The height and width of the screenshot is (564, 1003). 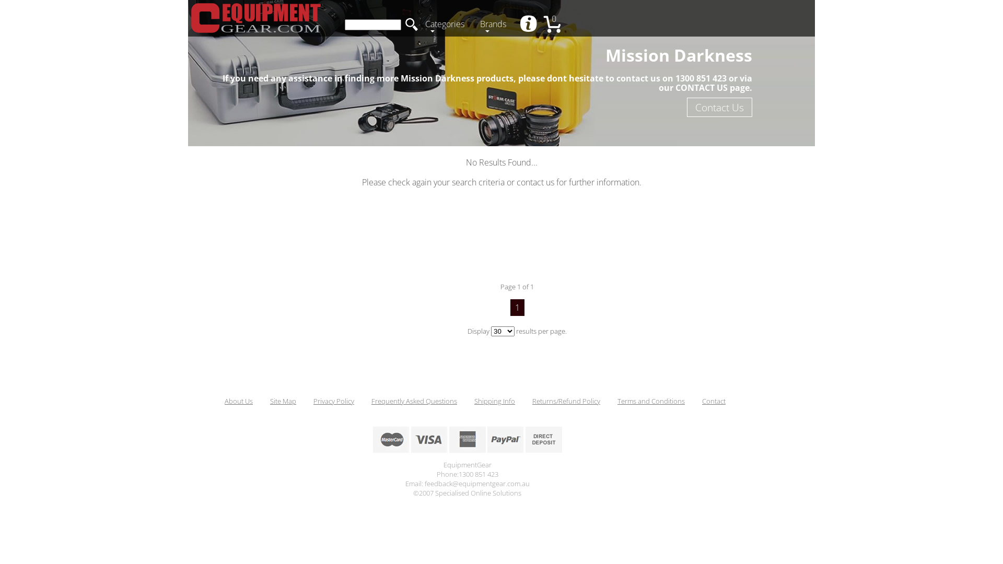 What do you see at coordinates (238, 400) in the screenshot?
I see `'About Us'` at bounding box center [238, 400].